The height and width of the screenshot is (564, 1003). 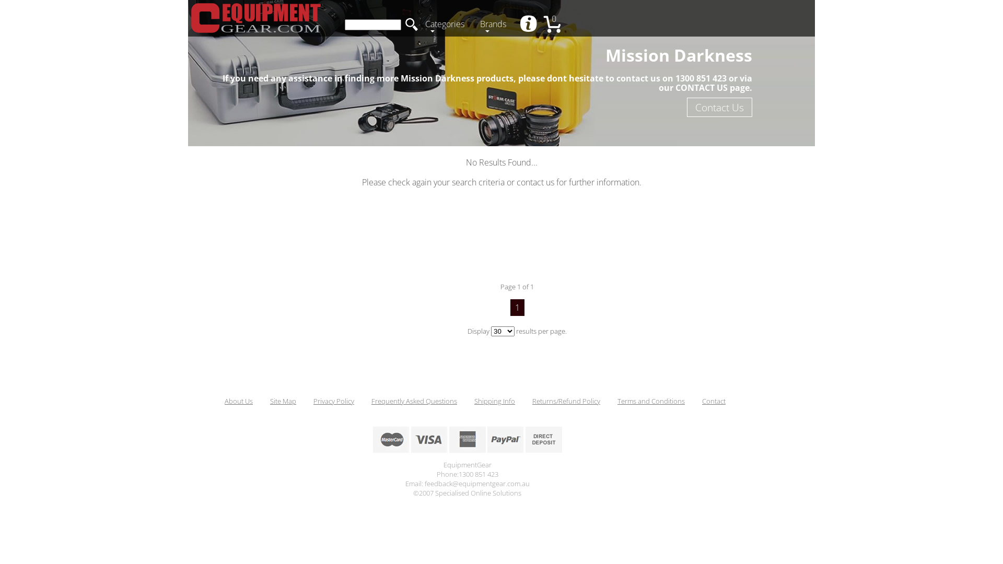 What do you see at coordinates (238, 400) in the screenshot?
I see `'About Us'` at bounding box center [238, 400].